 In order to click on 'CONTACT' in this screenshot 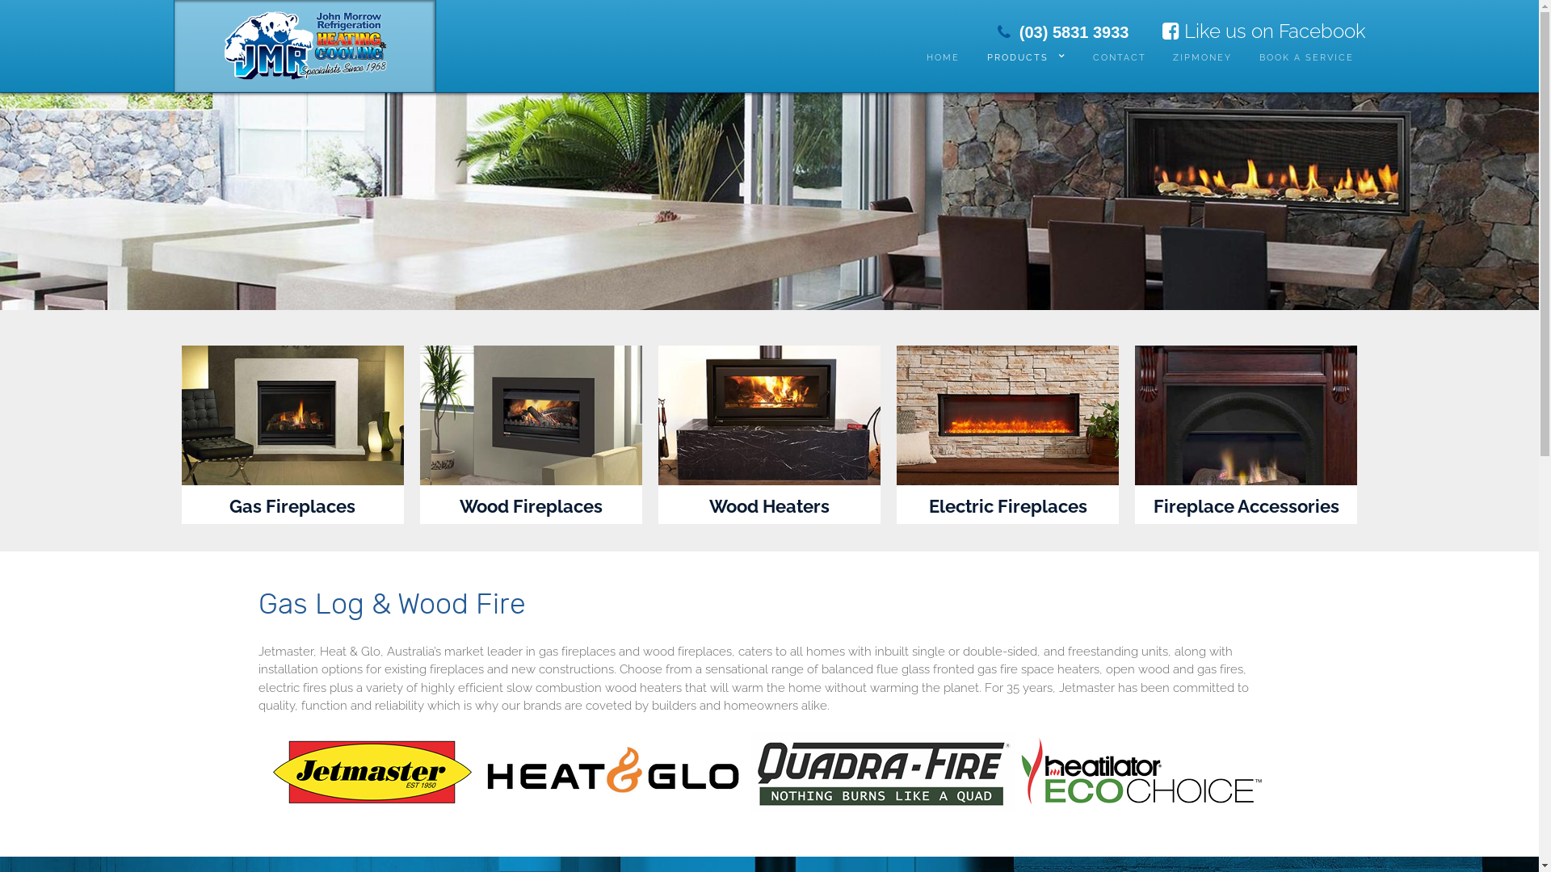, I will do `click(1119, 57)`.